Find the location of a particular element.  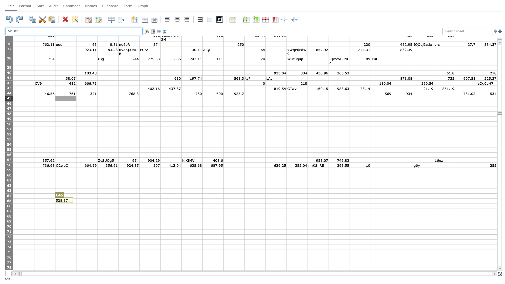

bottom right corner of F65 is located at coordinates (139, 203).